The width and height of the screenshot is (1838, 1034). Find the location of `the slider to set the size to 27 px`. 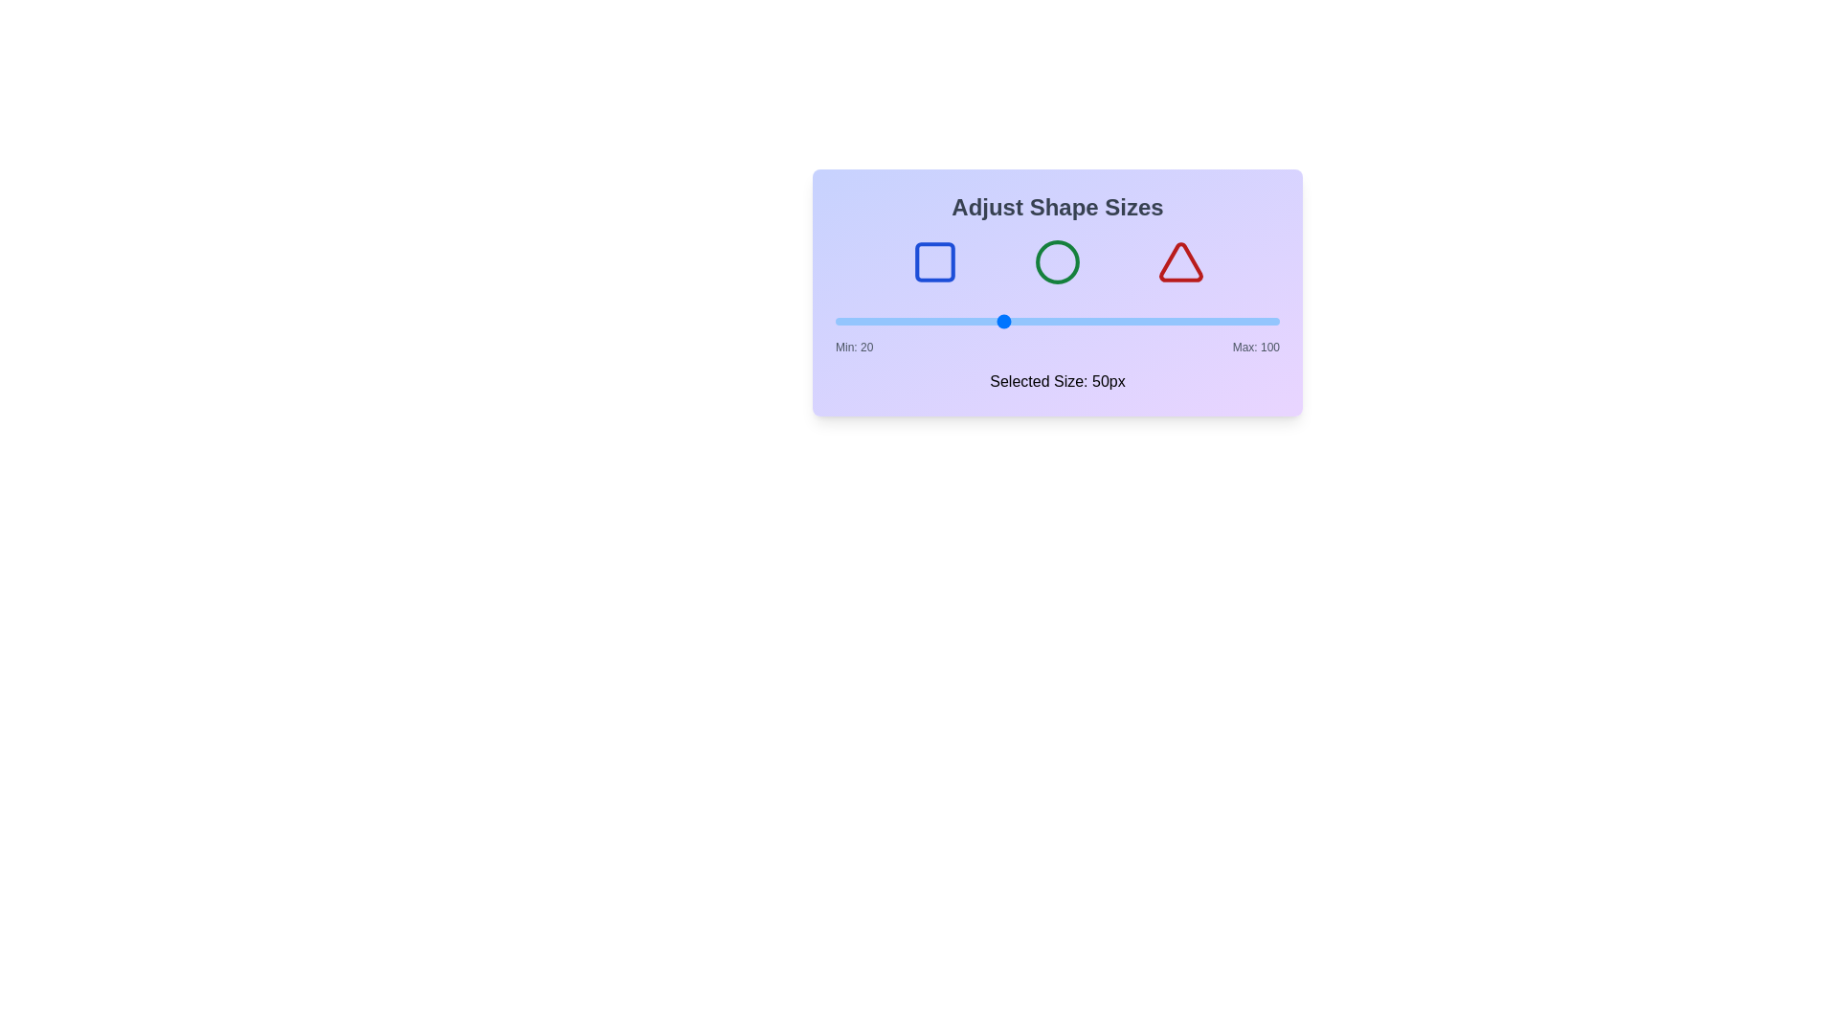

the slider to set the size to 27 px is located at coordinates (873, 320).